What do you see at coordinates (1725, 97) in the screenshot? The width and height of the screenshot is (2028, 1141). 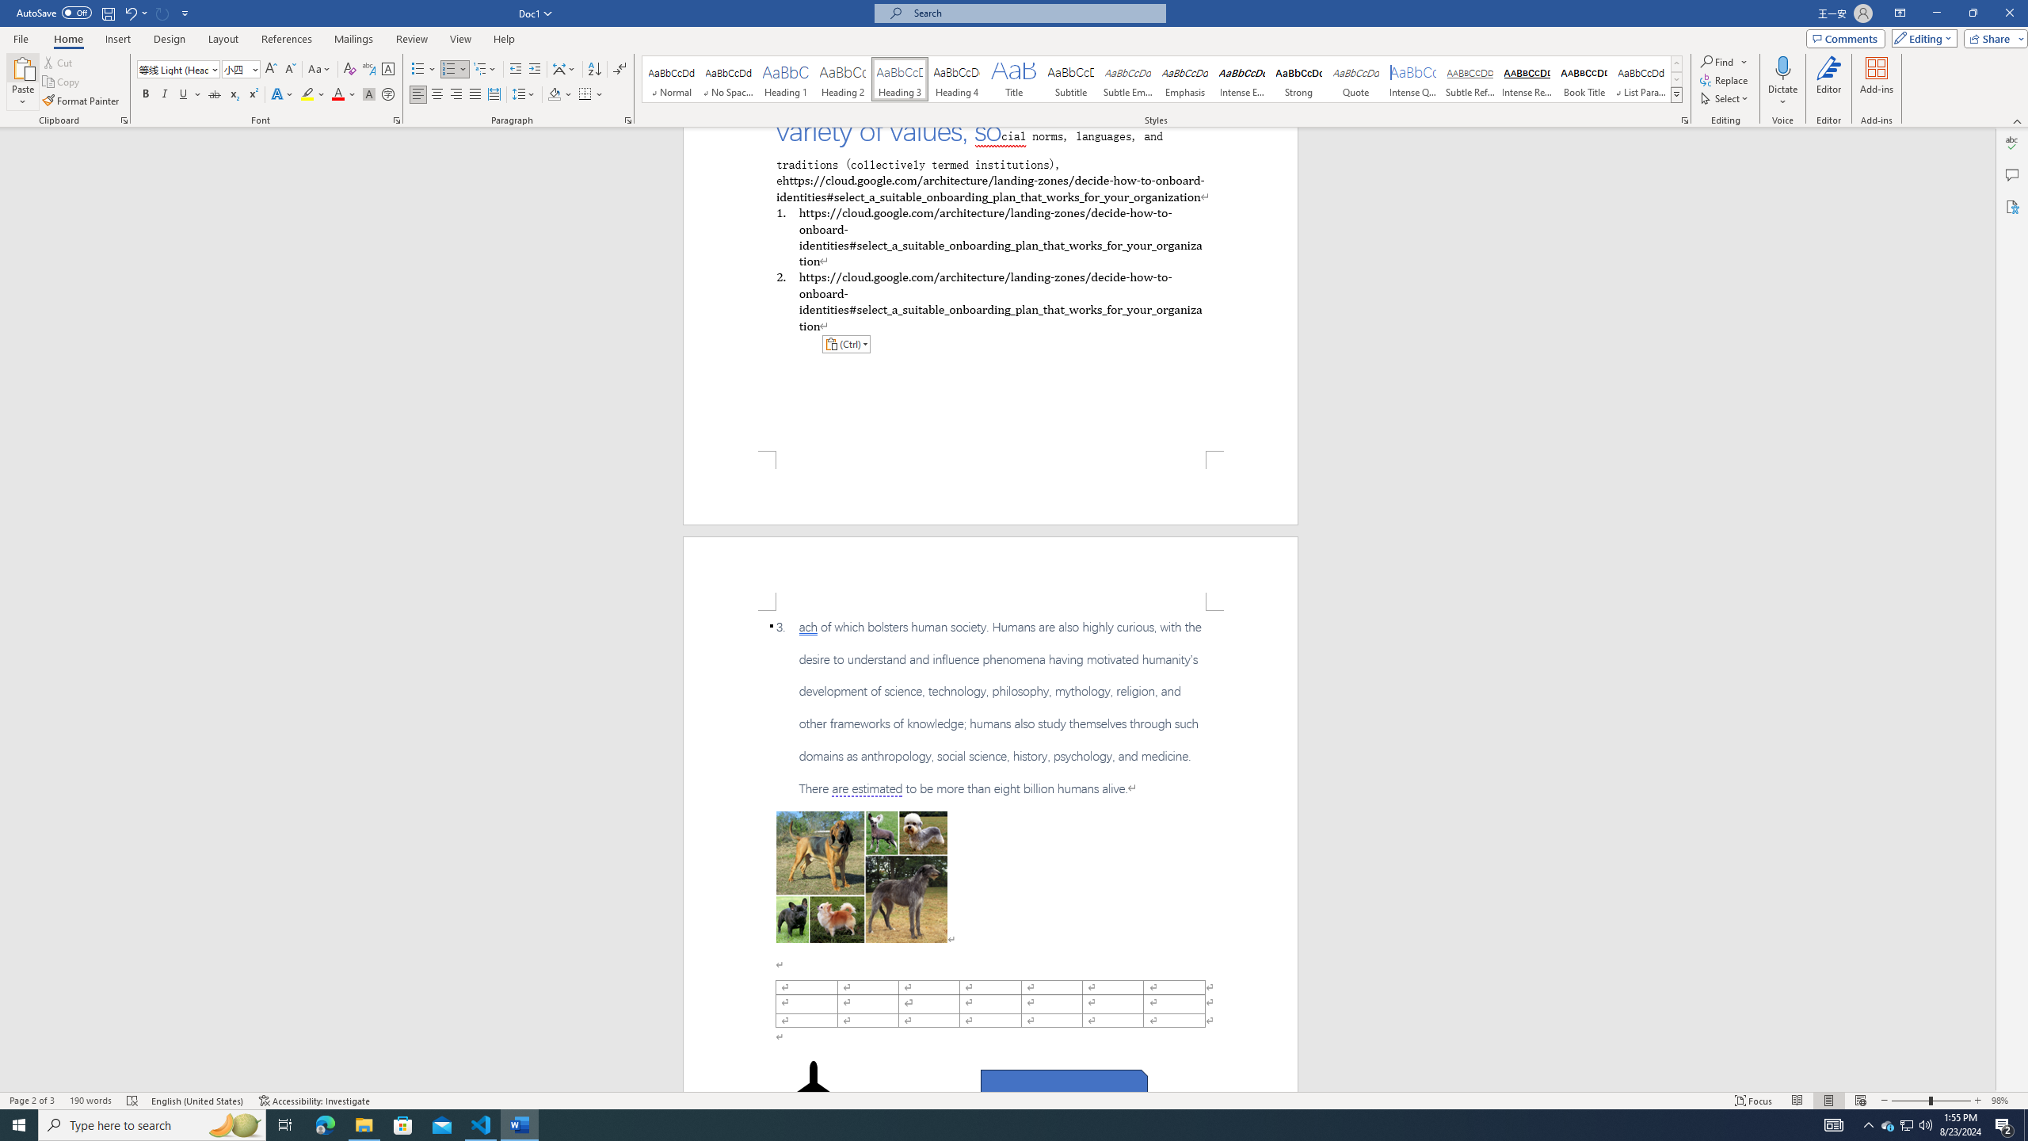 I see `'Select'` at bounding box center [1725, 97].